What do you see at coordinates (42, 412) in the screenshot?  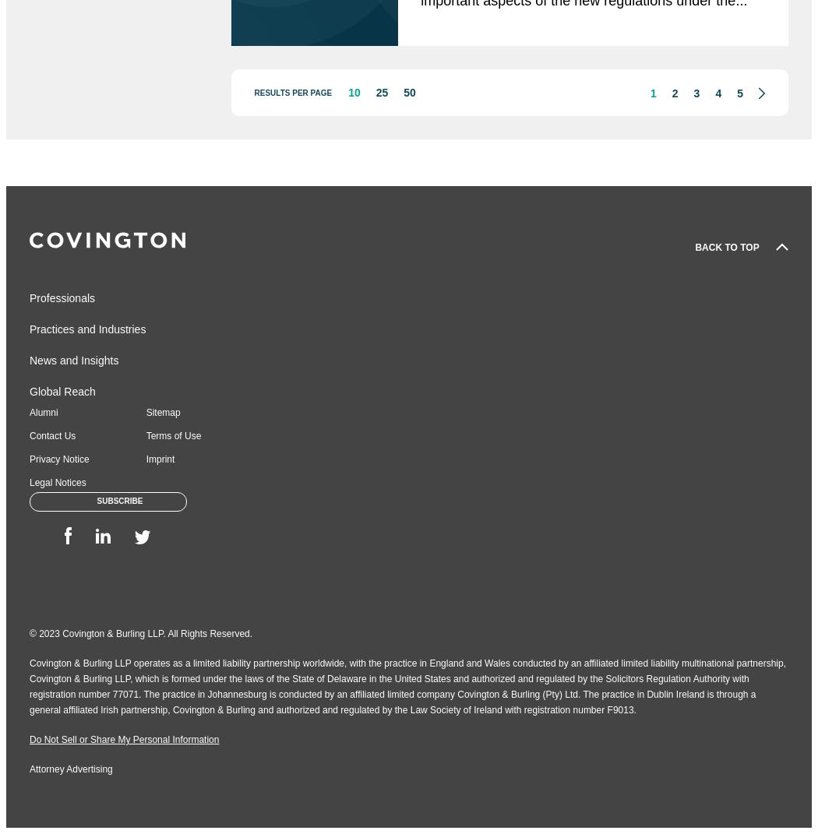 I see `'Alumni'` at bounding box center [42, 412].